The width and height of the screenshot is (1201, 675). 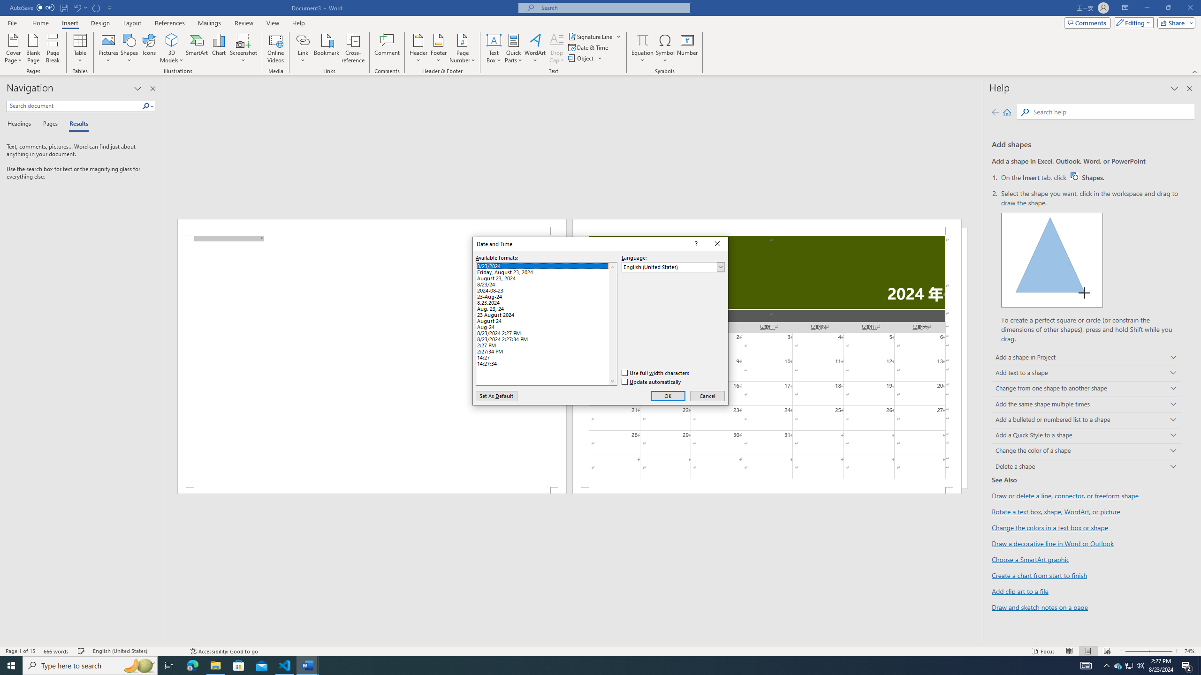 What do you see at coordinates (1199, 665) in the screenshot?
I see `'Show desktop'` at bounding box center [1199, 665].